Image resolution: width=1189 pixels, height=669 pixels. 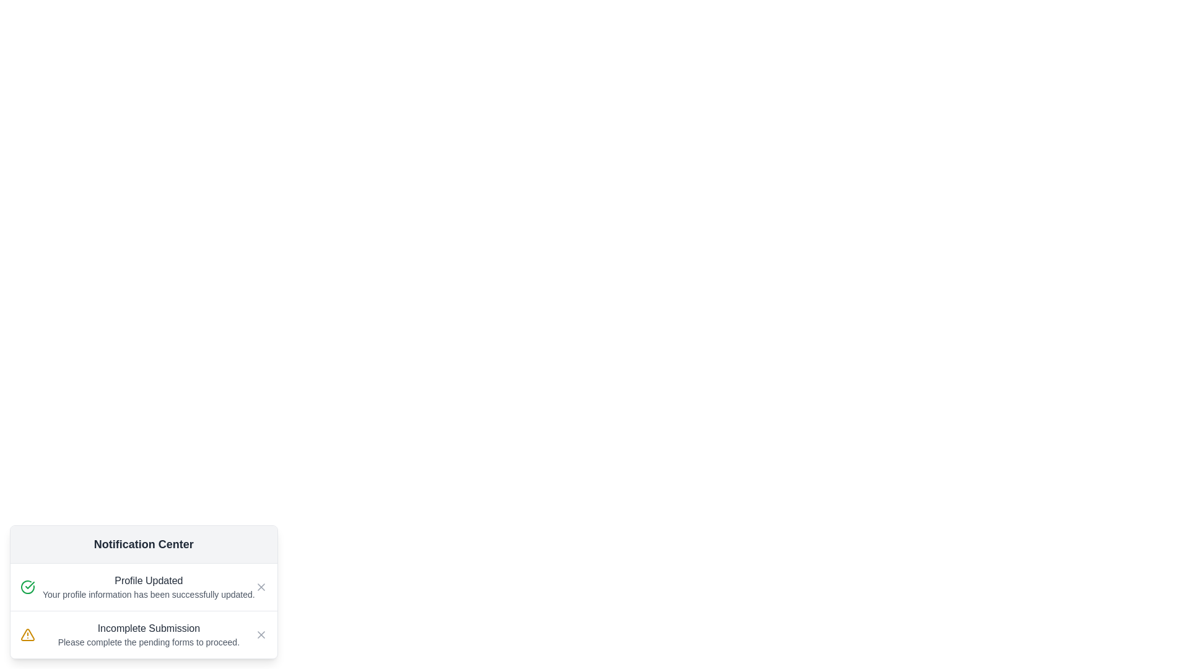 I want to click on the diagonal cross mark icon in the top-right corner of the 'Profile Updated' notification card, so click(x=260, y=635).